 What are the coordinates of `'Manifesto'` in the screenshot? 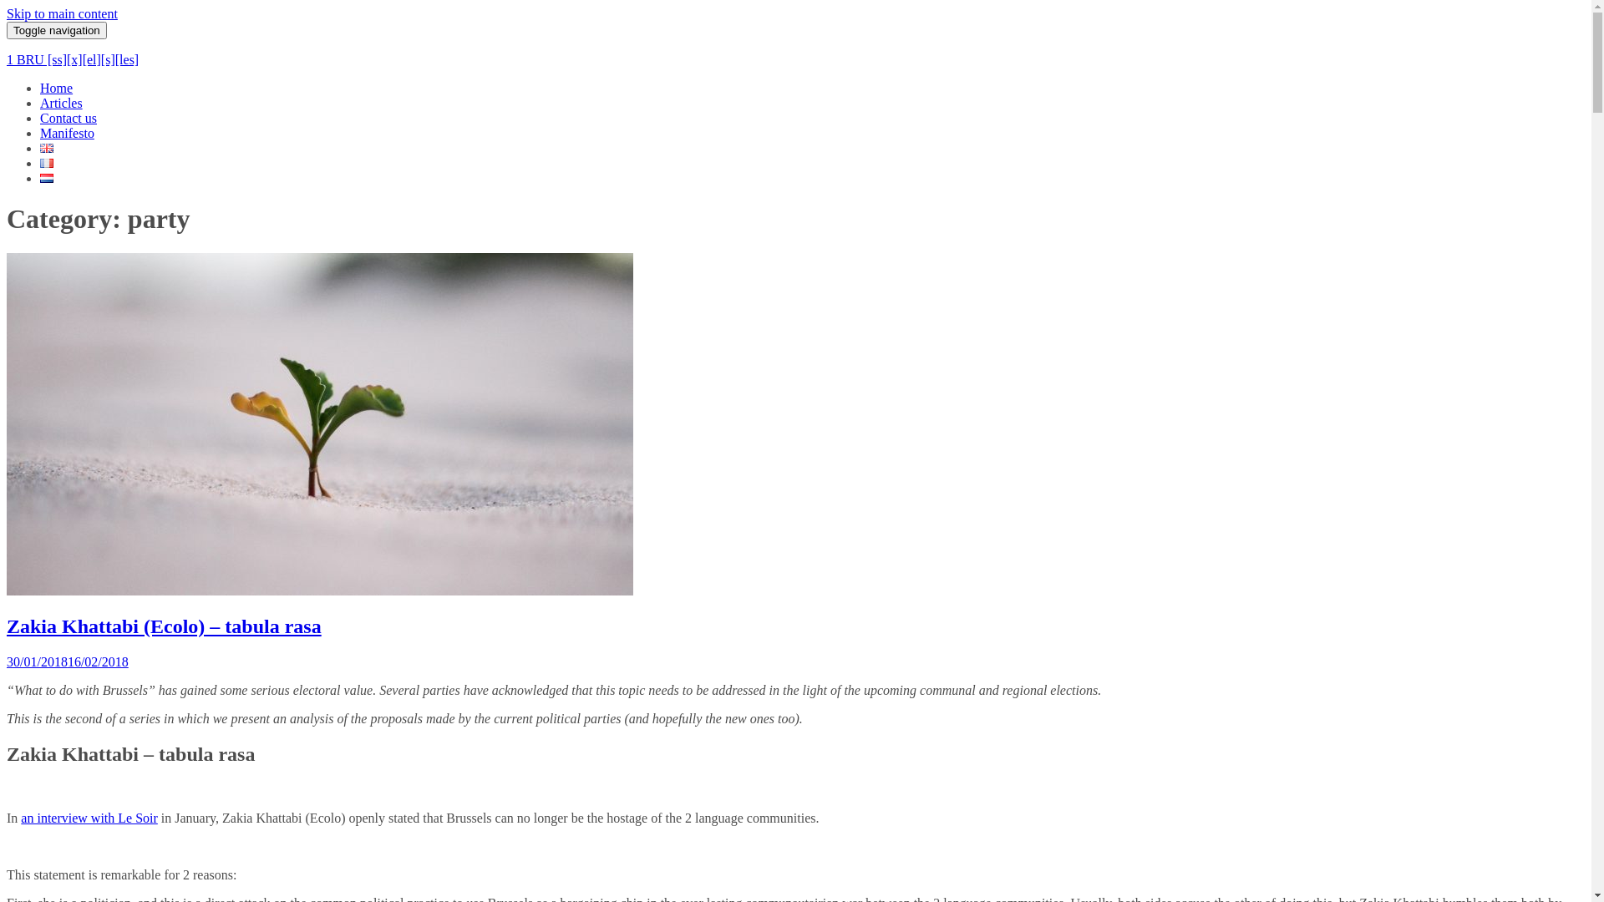 It's located at (67, 132).